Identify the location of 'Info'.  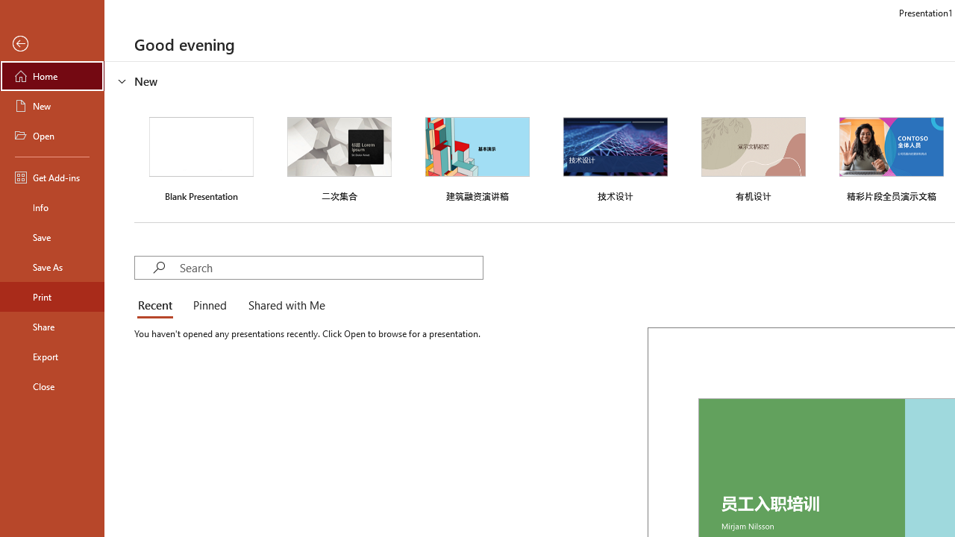
(51, 207).